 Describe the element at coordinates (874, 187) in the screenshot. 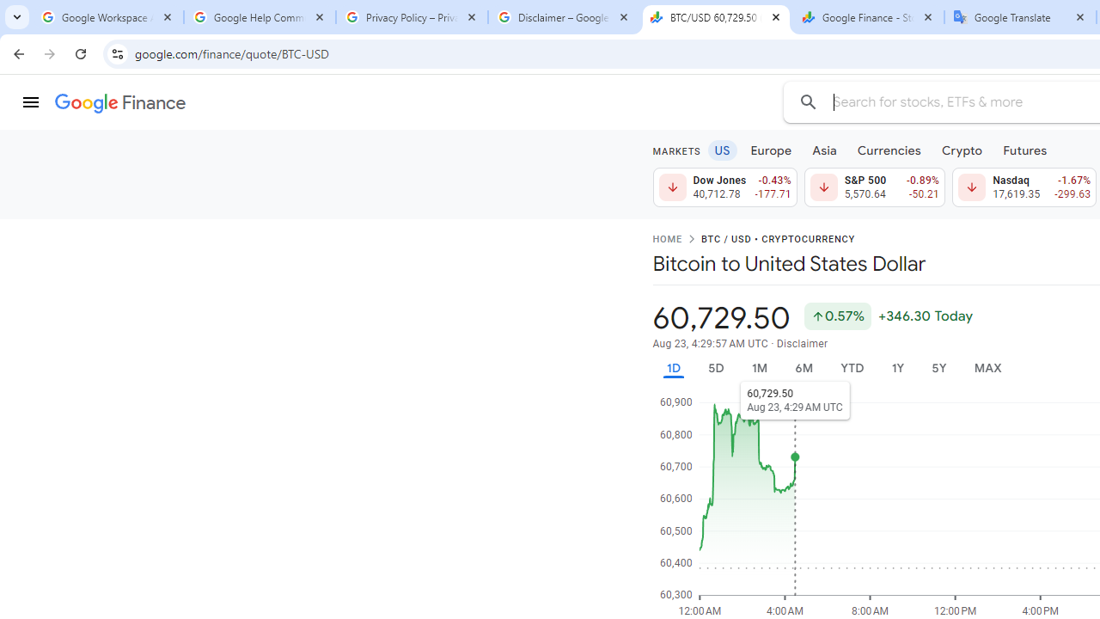

I see `'S&P 500 5,570.64 Down by 0.89% -50.21'` at that location.